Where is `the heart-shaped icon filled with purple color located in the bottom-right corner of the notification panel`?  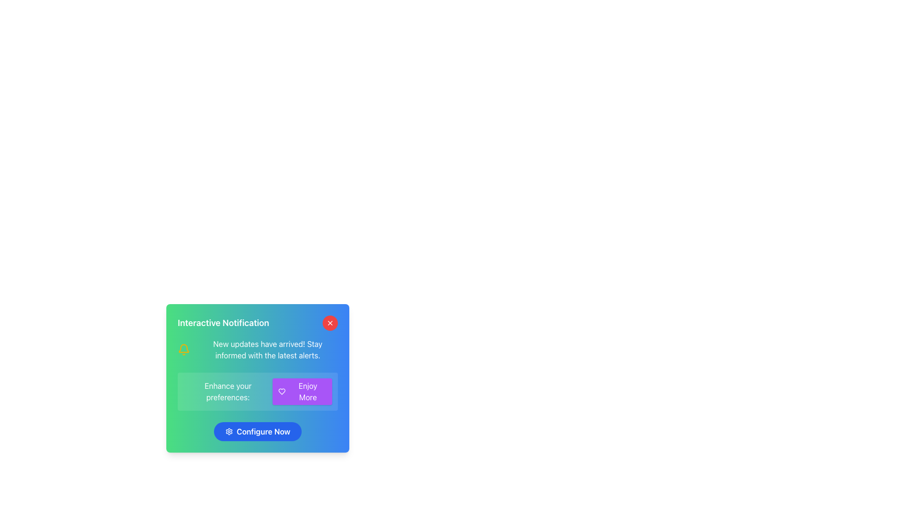 the heart-shaped icon filled with purple color located in the bottom-right corner of the notification panel is located at coordinates (281, 391).